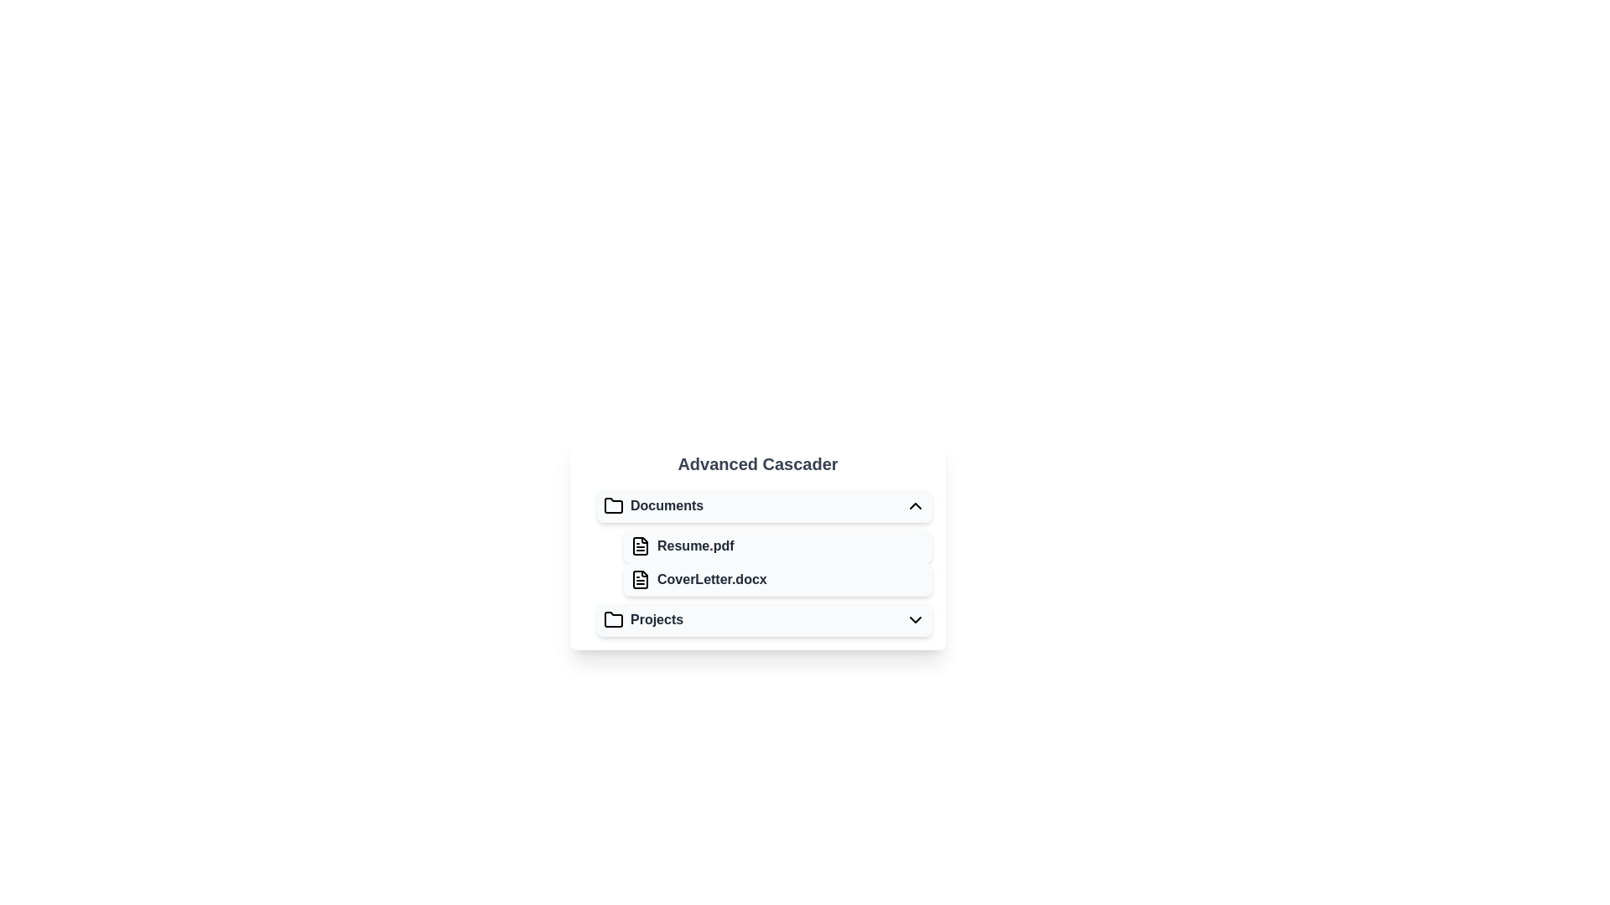 The height and width of the screenshot is (905, 1610). What do you see at coordinates (656, 620) in the screenshot?
I see `the 'Projects' text label located to the right of the folder icon in the bottom-most option of the cascading menu for selection or activation` at bounding box center [656, 620].